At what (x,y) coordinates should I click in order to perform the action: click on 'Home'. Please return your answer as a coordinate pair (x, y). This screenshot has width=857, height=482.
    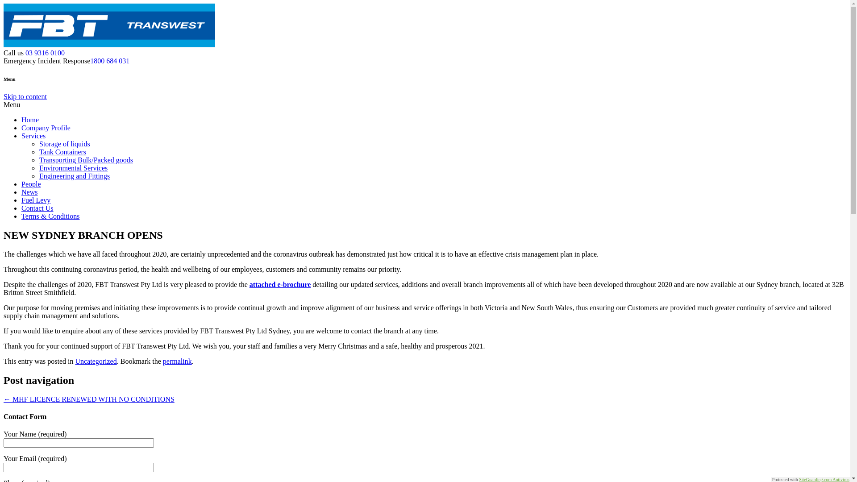
    Looking at the image, I should click on (30, 119).